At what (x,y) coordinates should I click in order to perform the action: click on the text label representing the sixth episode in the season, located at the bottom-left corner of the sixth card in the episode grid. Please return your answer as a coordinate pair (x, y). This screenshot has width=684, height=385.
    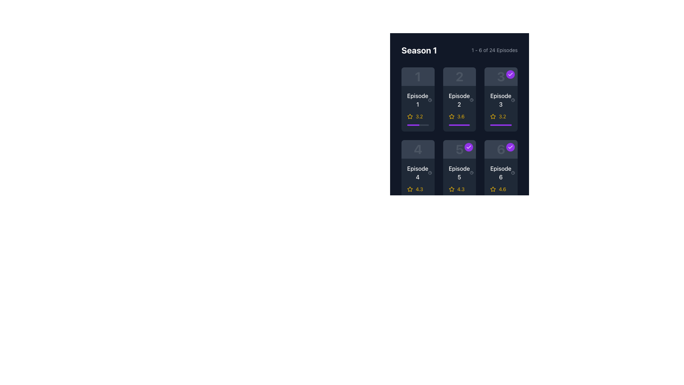
    Looking at the image, I should click on (500, 173).